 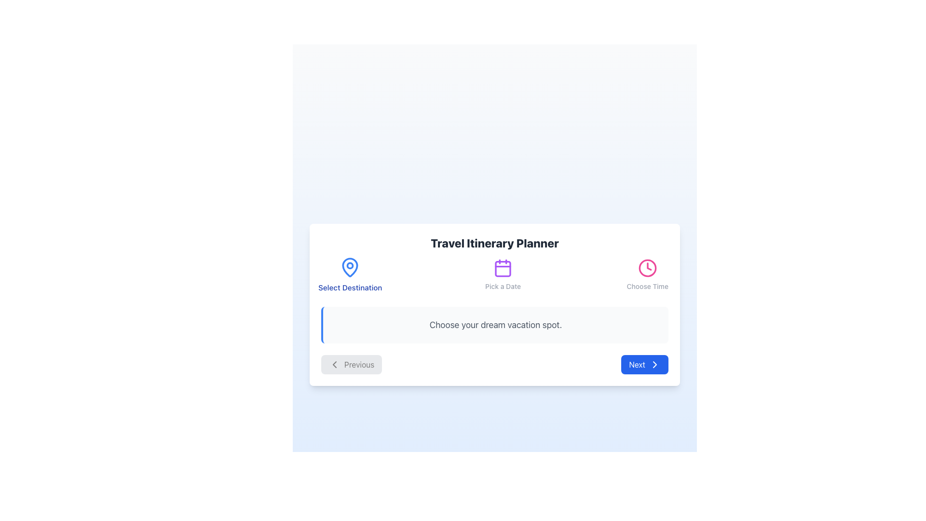 What do you see at coordinates (350, 287) in the screenshot?
I see `the static text label that describes the associated icon for selecting a travel destination, located under the first icon in a horizontally aligned group of options` at bounding box center [350, 287].